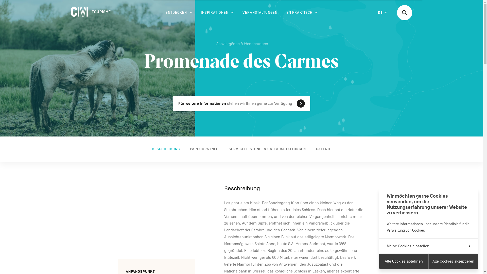 Image resolution: width=487 pixels, height=274 pixels. What do you see at coordinates (302, 12) in the screenshot?
I see `'EN PRAKTISCH'` at bounding box center [302, 12].